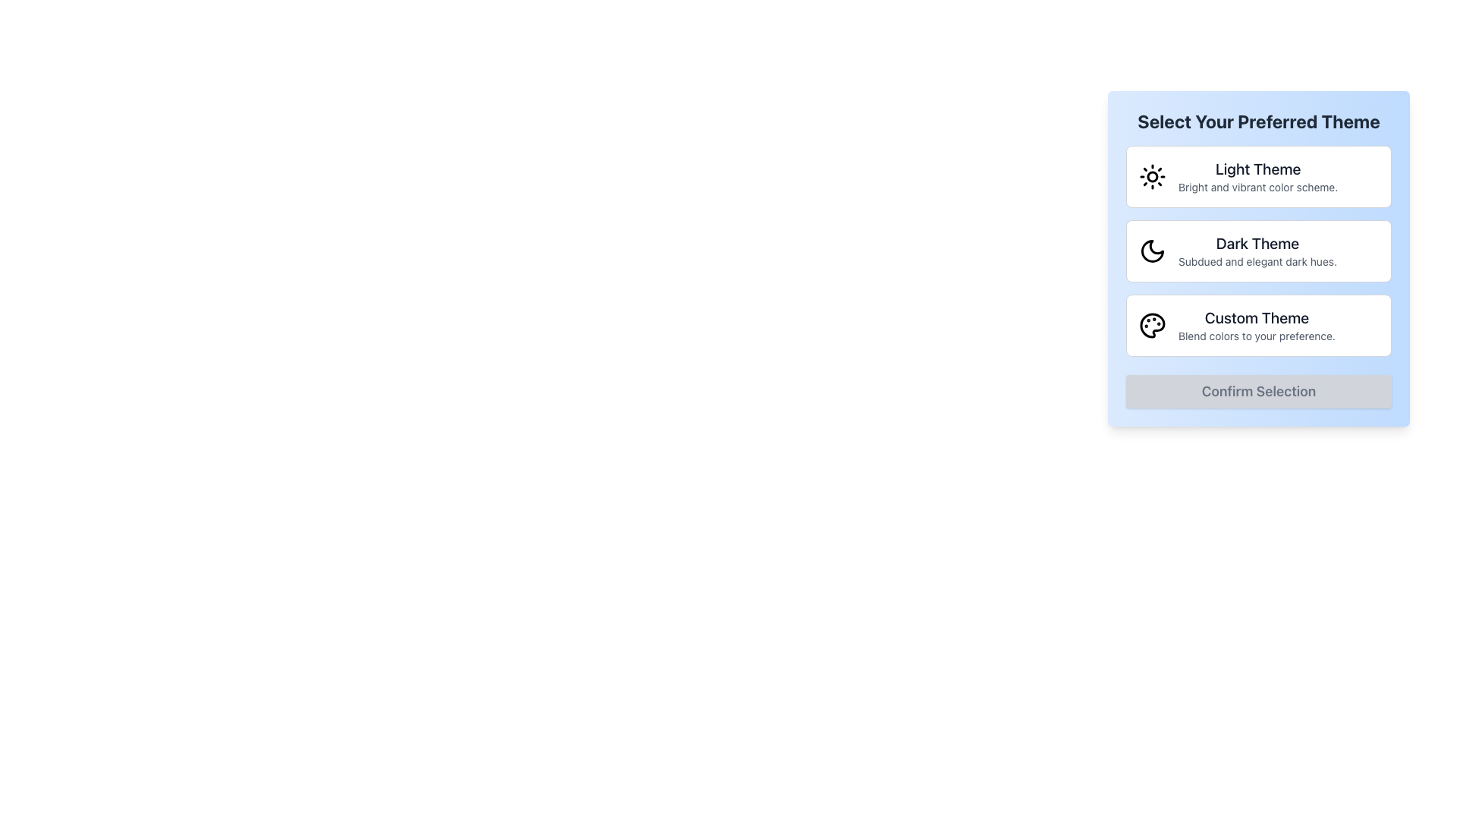 This screenshot has height=820, width=1457. I want to click on the heading text label 'Select Your Preferred Theme' which is styled in a large, bold font and located at the top of the theme selection card layout, so click(1259, 120).